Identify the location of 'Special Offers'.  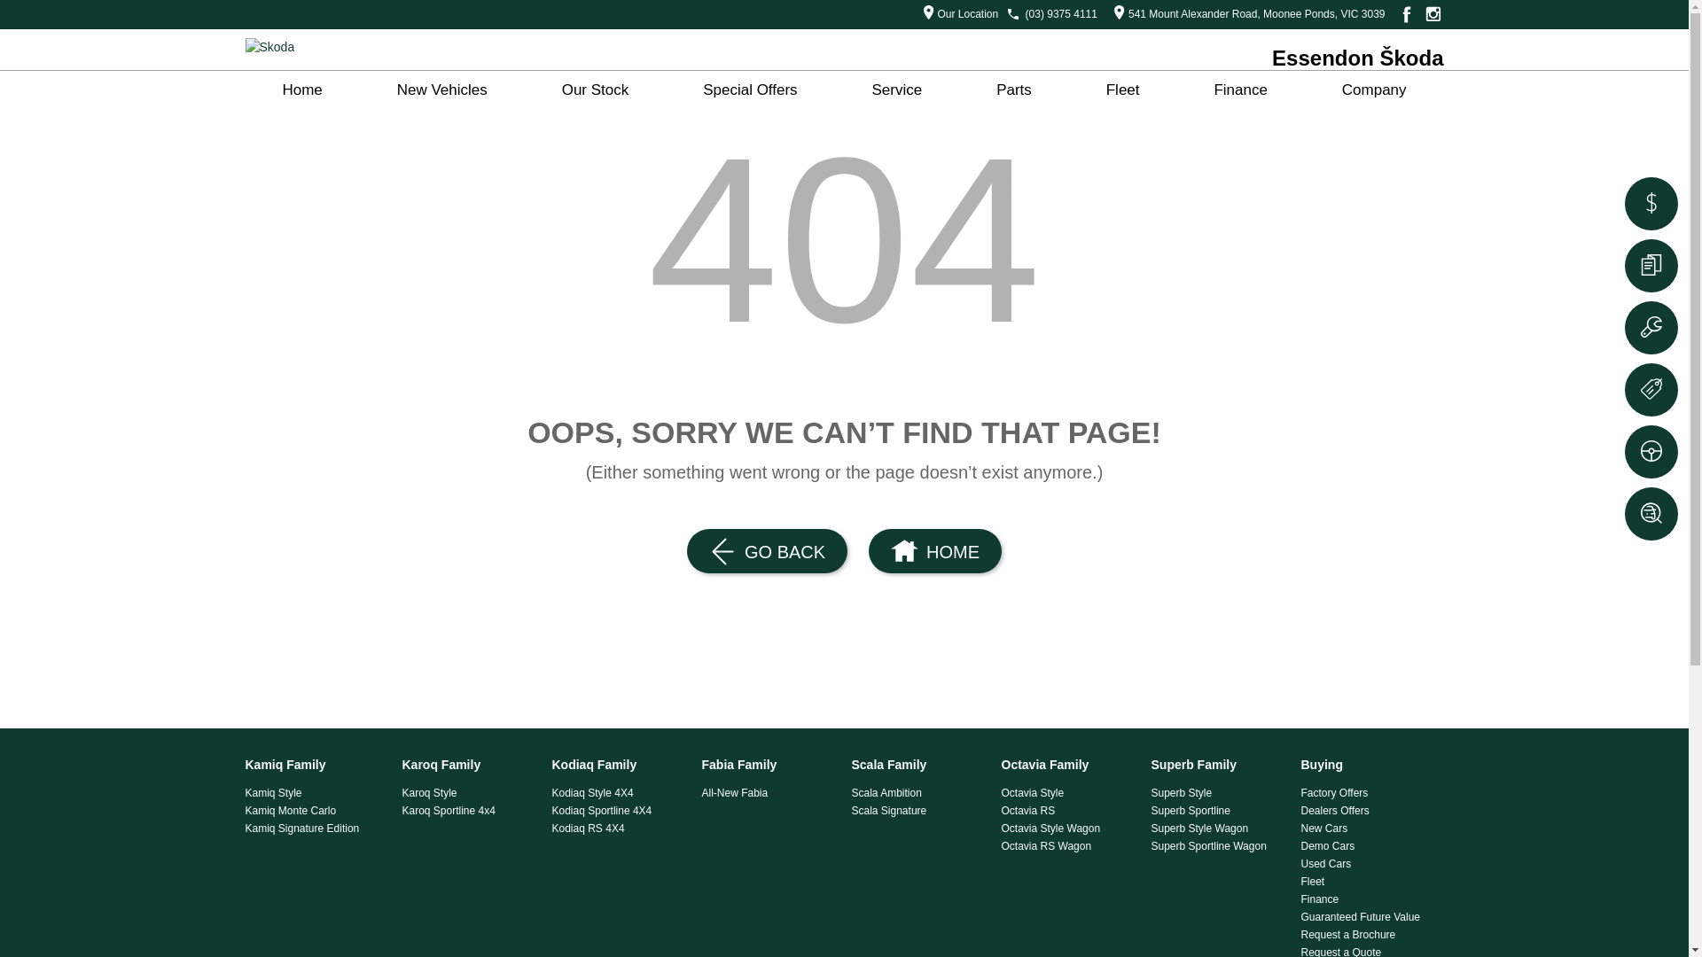
(749, 89).